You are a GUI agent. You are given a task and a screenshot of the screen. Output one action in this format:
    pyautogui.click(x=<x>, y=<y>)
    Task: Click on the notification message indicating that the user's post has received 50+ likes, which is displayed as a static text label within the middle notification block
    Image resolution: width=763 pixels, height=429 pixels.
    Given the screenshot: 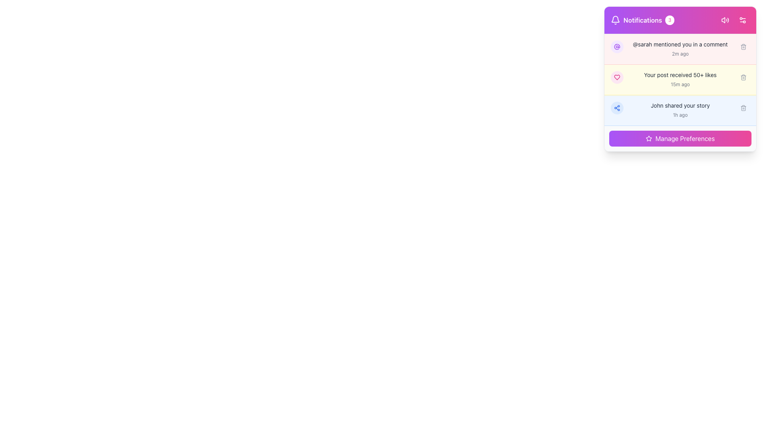 What is the action you would take?
    pyautogui.click(x=680, y=75)
    